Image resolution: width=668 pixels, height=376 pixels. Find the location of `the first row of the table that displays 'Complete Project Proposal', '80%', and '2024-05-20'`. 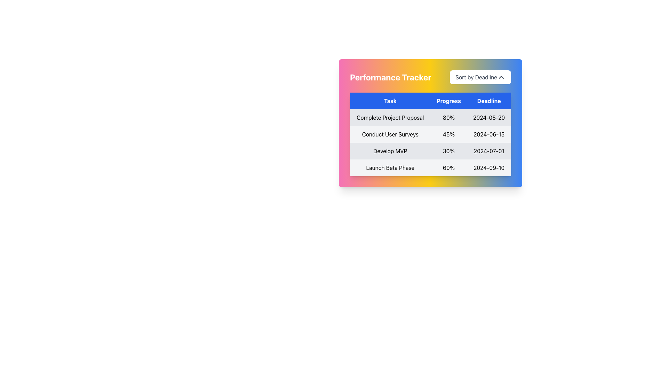

the first row of the table that displays 'Complete Project Proposal', '80%', and '2024-05-20' is located at coordinates (430, 117).